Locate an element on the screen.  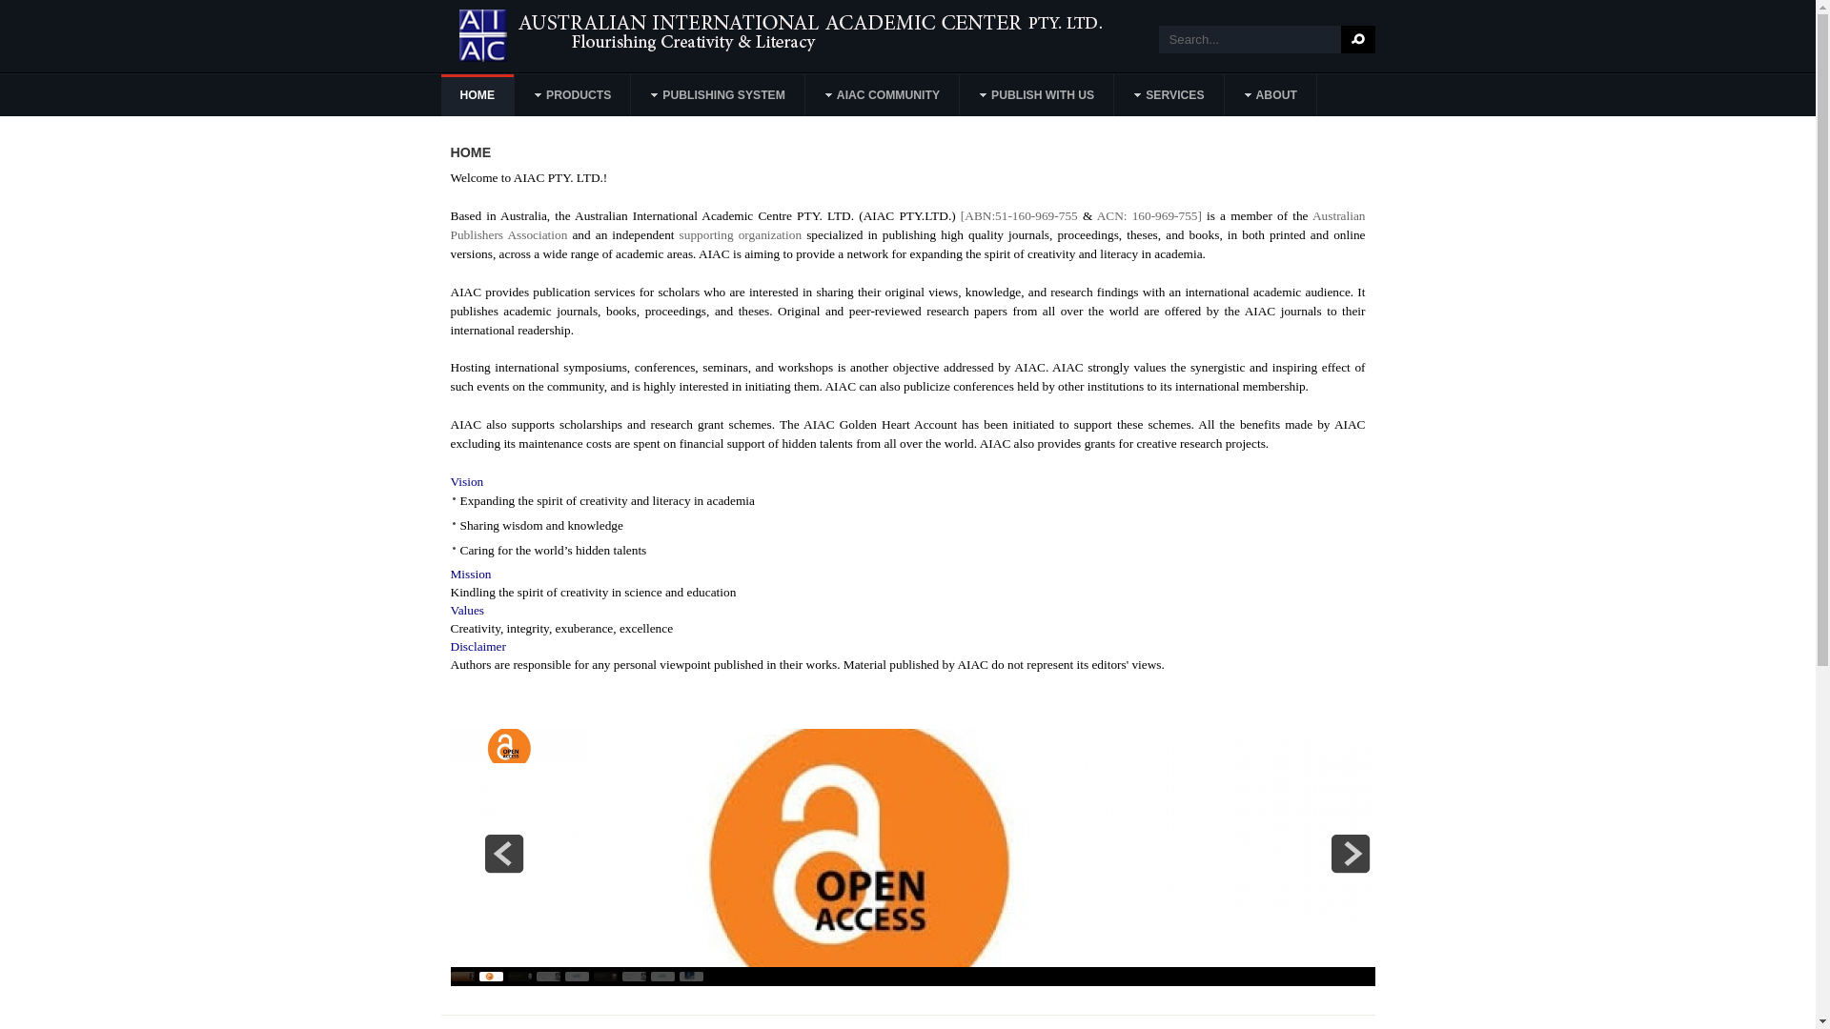
'ABN:51-160-969-755' is located at coordinates (1019, 214).